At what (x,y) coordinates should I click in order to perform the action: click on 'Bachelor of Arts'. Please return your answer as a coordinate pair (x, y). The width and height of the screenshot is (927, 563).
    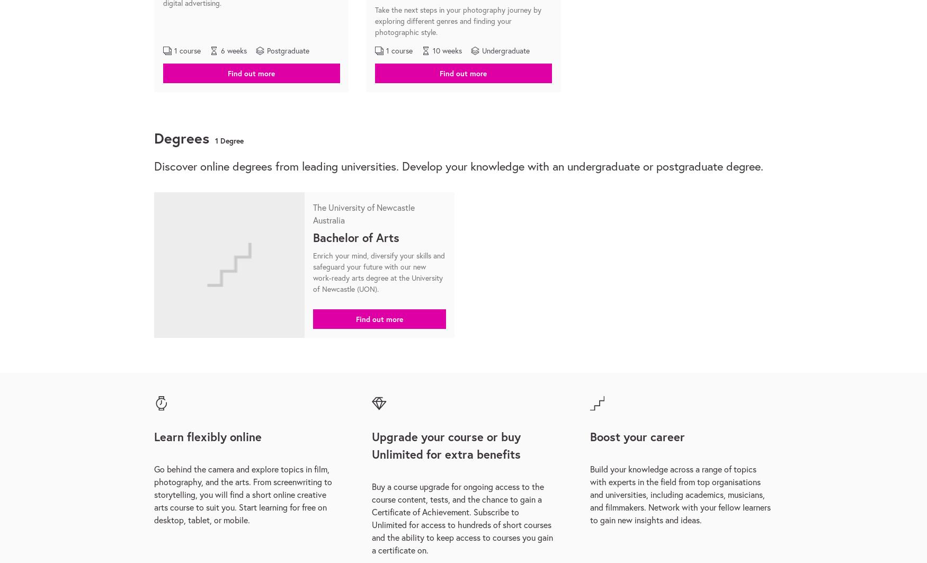
    Looking at the image, I should click on (313, 237).